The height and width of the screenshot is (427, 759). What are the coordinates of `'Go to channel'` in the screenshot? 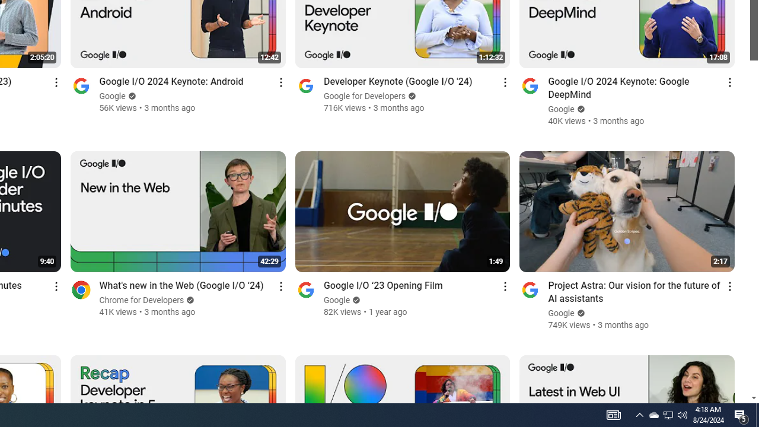 It's located at (530, 289).